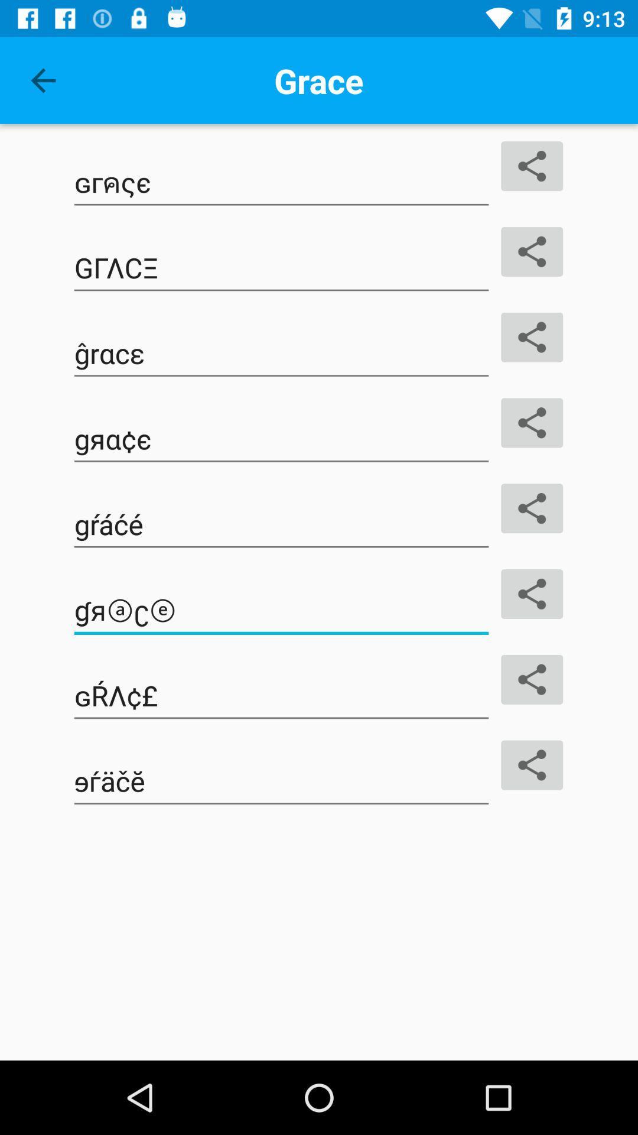 The image size is (638, 1135). I want to click on the share icon which is in the second line, so click(532, 251).